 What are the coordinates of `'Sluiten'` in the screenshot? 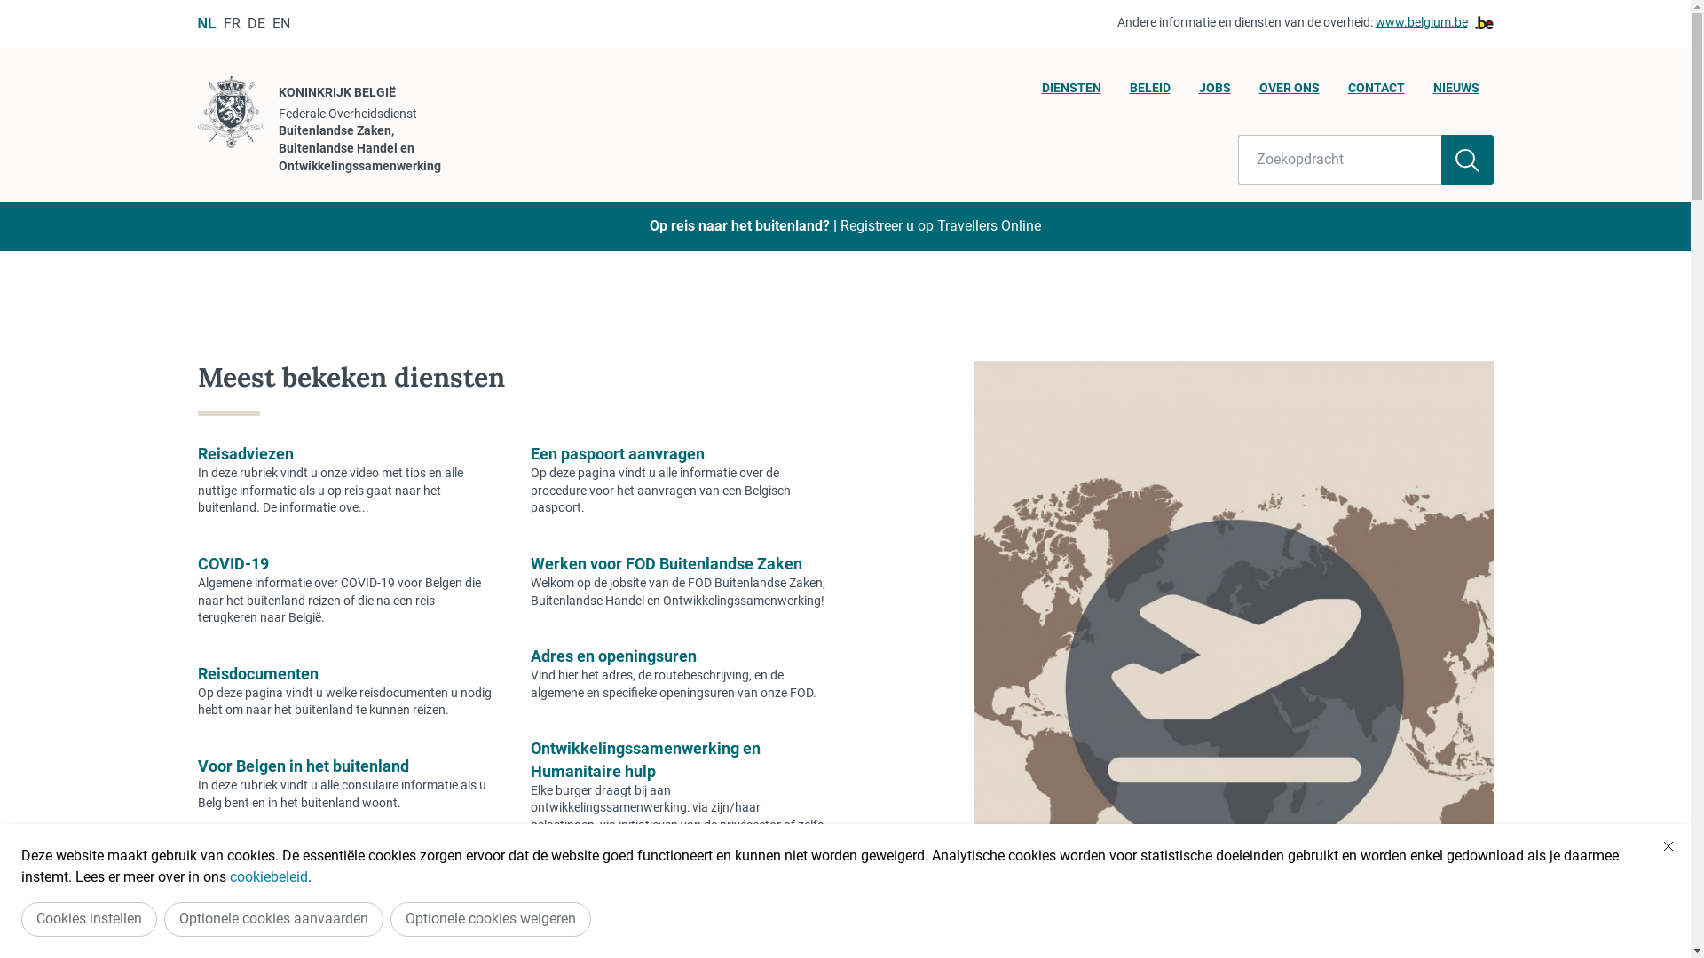 It's located at (1668, 844).